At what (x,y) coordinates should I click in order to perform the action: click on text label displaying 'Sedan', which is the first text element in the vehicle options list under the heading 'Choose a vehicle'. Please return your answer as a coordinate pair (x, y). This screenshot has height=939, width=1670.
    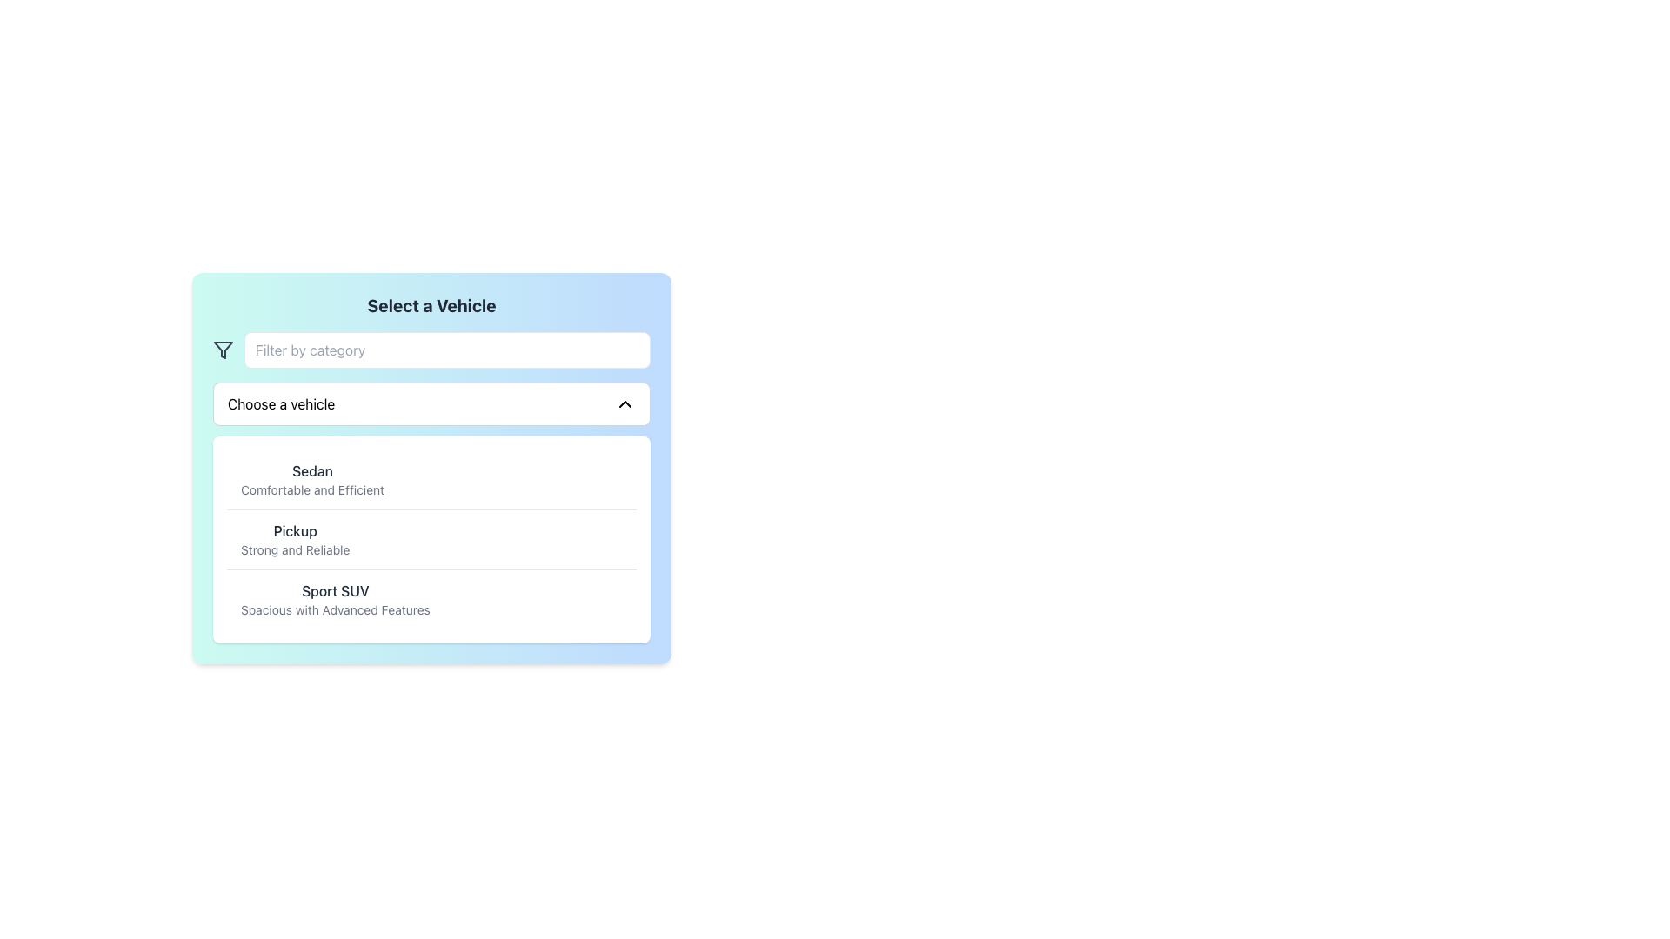
    Looking at the image, I should click on (312, 471).